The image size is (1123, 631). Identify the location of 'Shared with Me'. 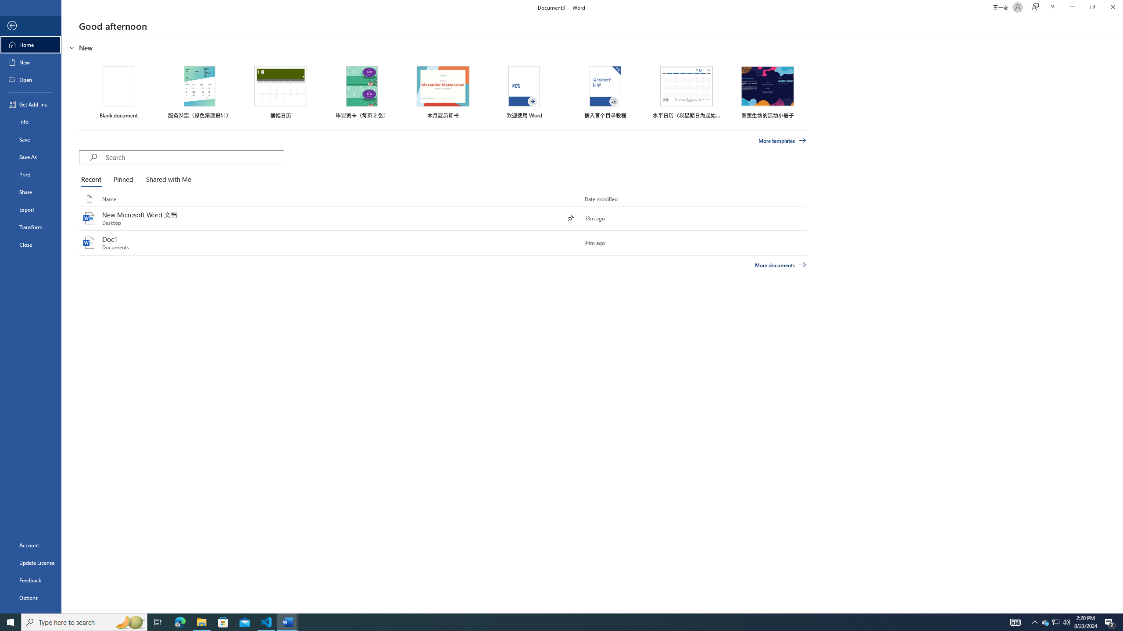
(166, 180).